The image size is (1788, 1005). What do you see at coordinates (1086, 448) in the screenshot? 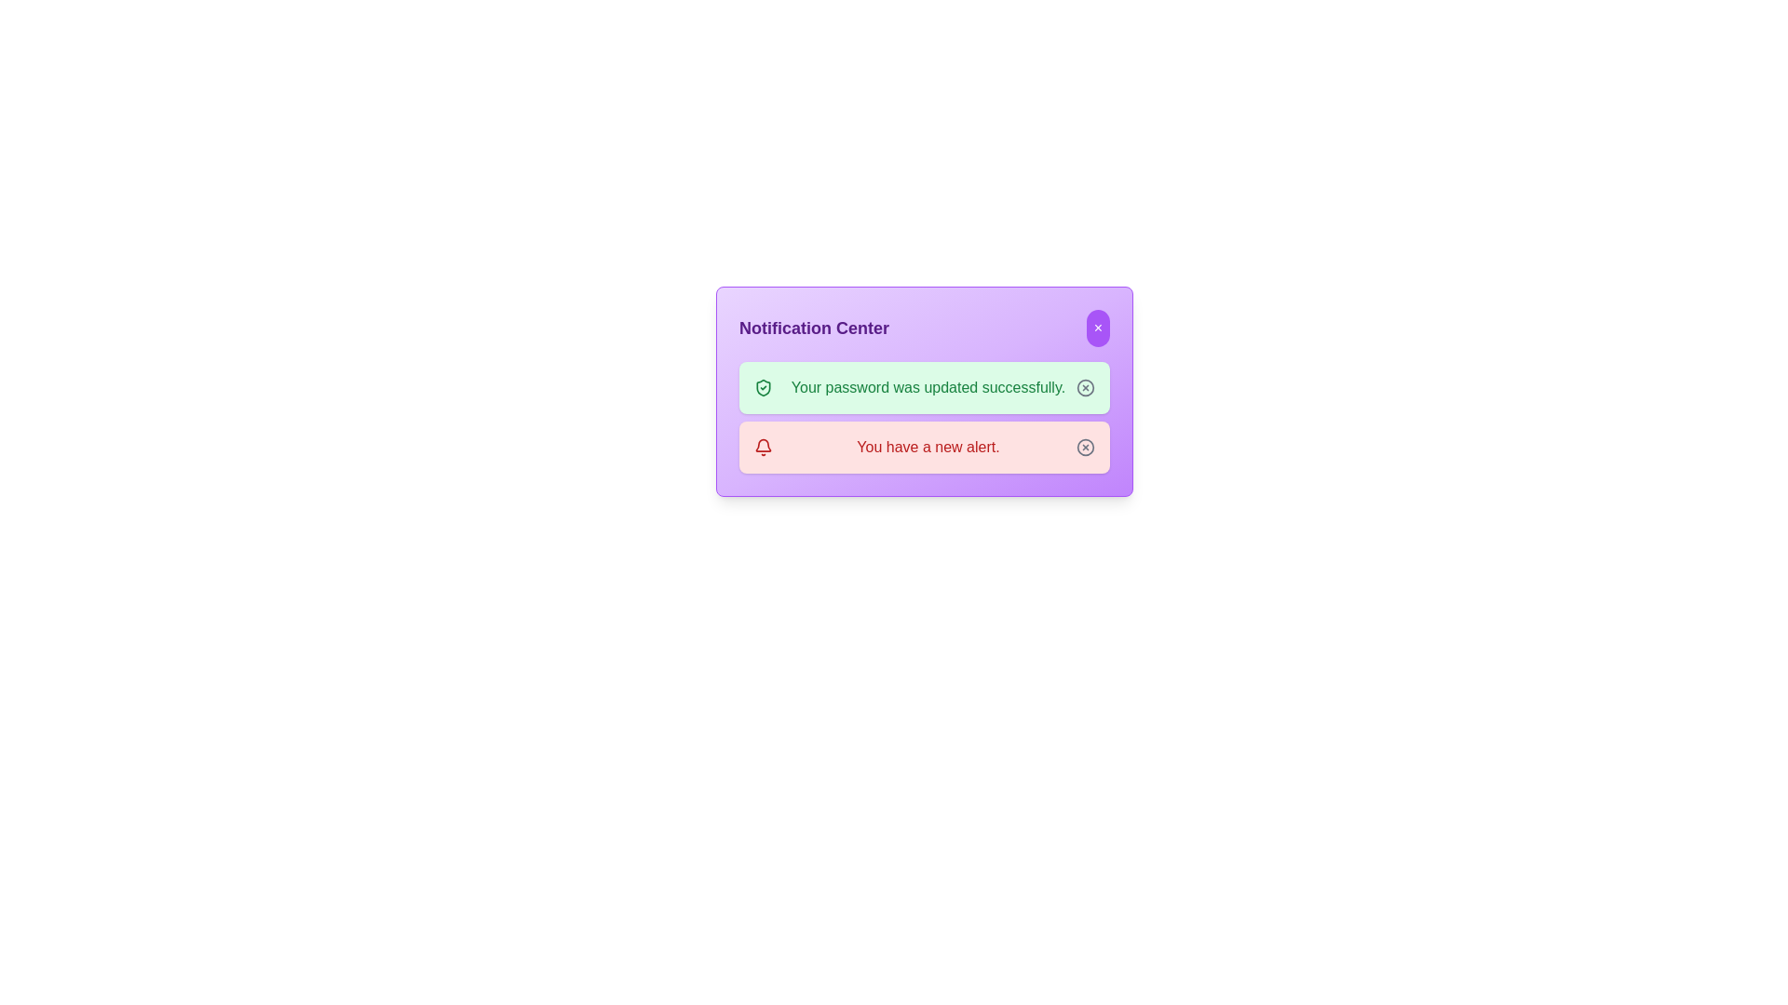
I see `the medium-sized circle with a thin border that is part of the close icon in the notification interface` at bounding box center [1086, 448].